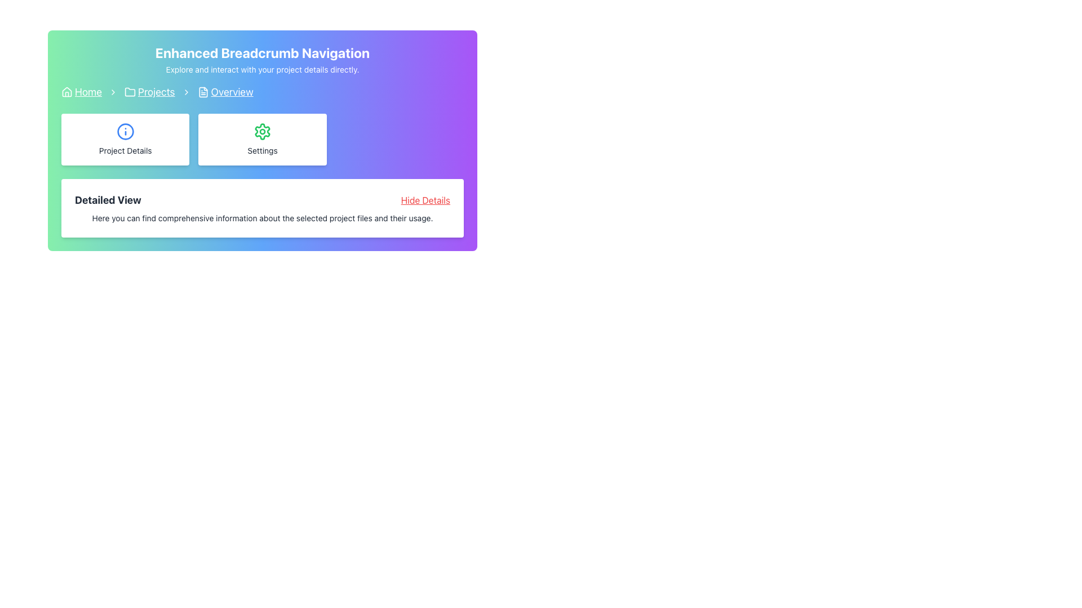 The image size is (1082, 608). I want to click on the blue circular information icon located in the 'Project Details' section, which is centered above the text label 'Project Details', so click(125, 131).